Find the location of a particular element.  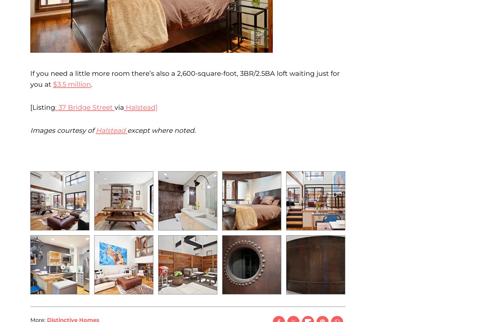

'Halstead]' is located at coordinates (140, 107).